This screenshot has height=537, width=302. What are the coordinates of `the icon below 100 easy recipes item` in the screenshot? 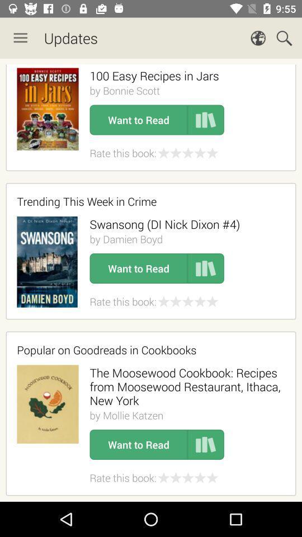 It's located at (124, 90).